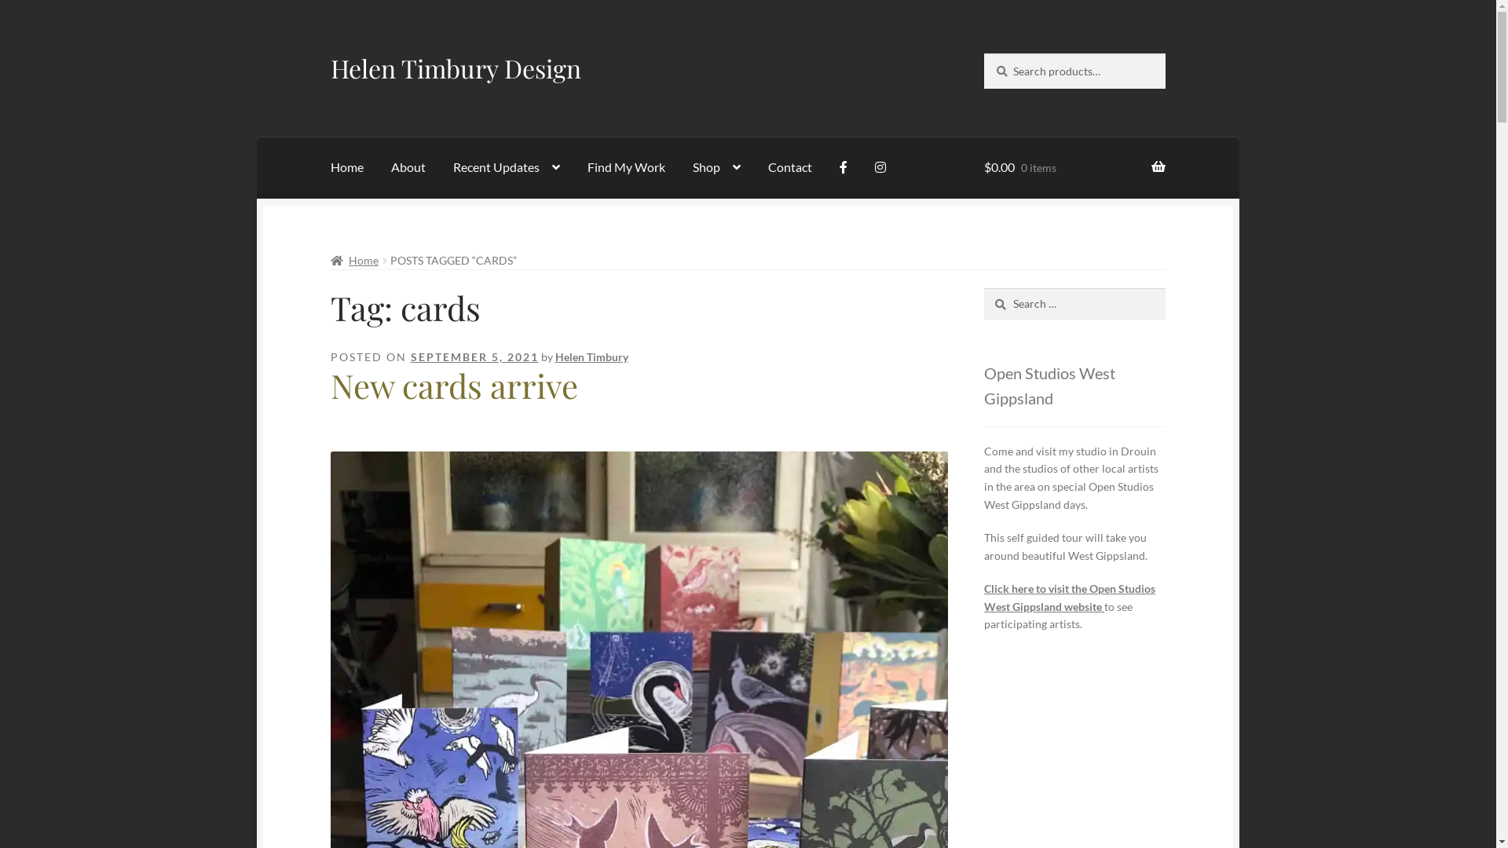  I want to click on 'Recent Updates', so click(506, 167).